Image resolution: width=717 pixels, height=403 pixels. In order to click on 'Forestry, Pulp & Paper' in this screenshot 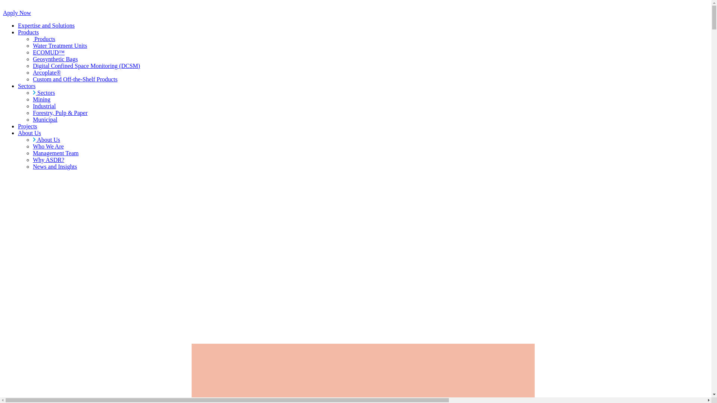, I will do `click(60, 113)`.